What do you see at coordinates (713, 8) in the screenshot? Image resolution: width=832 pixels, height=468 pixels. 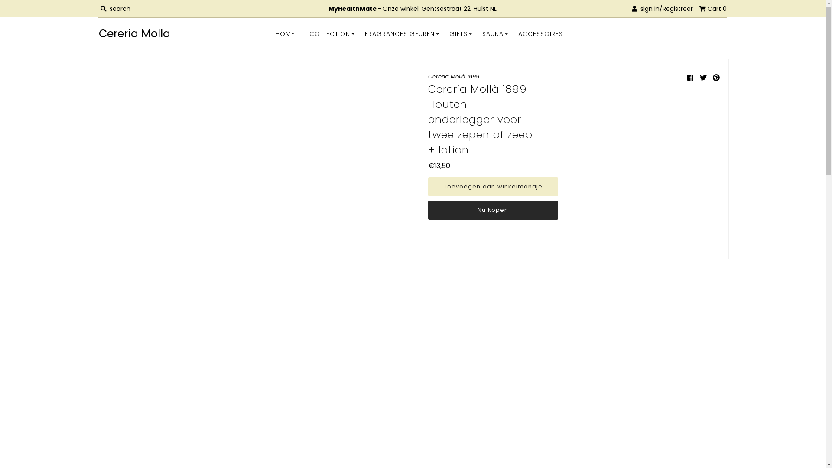 I see `' Cart 0'` at bounding box center [713, 8].